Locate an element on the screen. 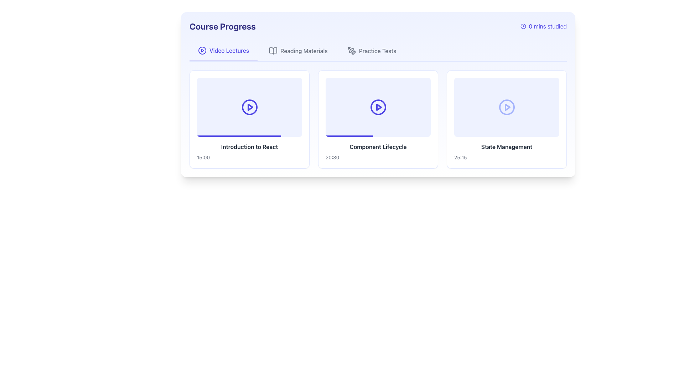 The width and height of the screenshot is (684, 385). the play button icon located in the second box of the horizontal row under the 'Video Lectures' tab is located at coordinates (378, 107).